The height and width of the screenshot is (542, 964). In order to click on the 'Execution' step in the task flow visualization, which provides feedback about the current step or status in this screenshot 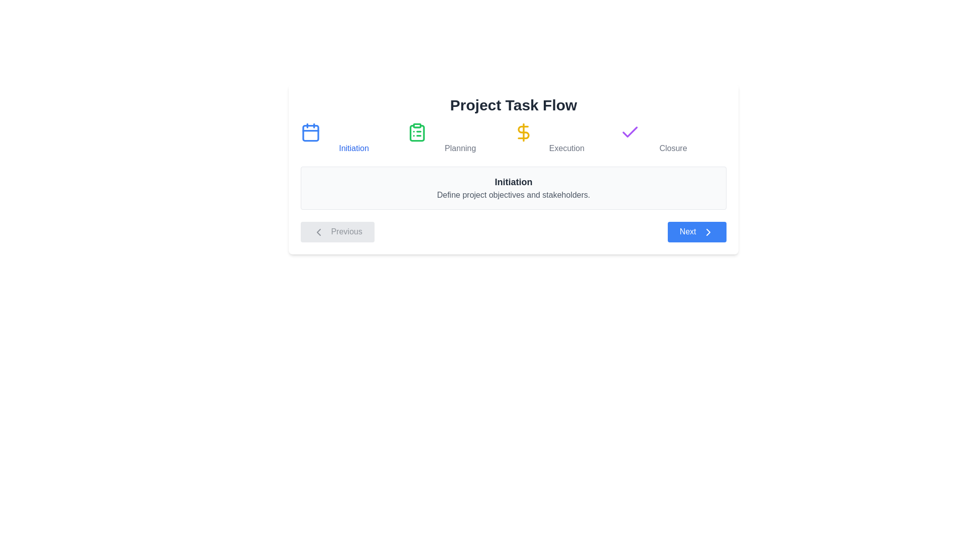, I will do `click(566, 139)`.